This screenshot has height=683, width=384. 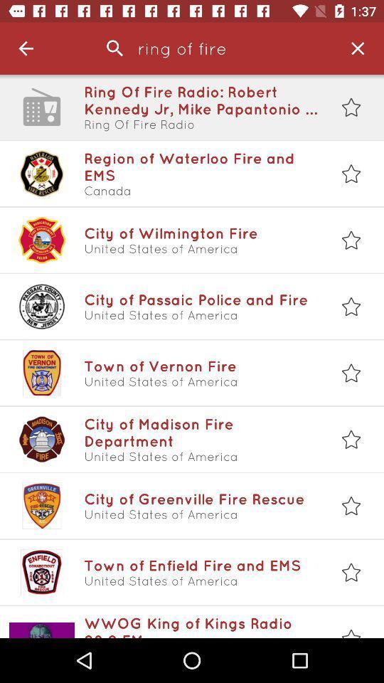 I want to click on the region of waterloo item, so click(x=201, y=166).